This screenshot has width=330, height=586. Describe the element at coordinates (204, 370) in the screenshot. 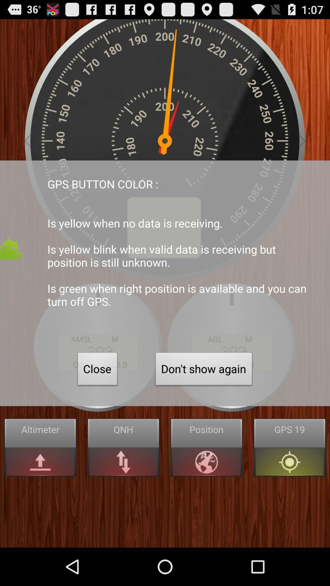

I see `the icon next to close` at that location.